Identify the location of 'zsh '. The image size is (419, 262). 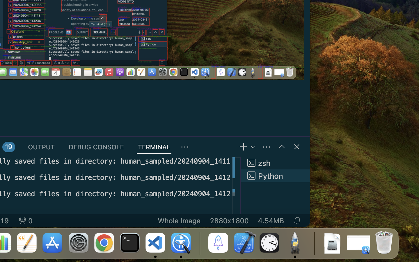
(275, 162).